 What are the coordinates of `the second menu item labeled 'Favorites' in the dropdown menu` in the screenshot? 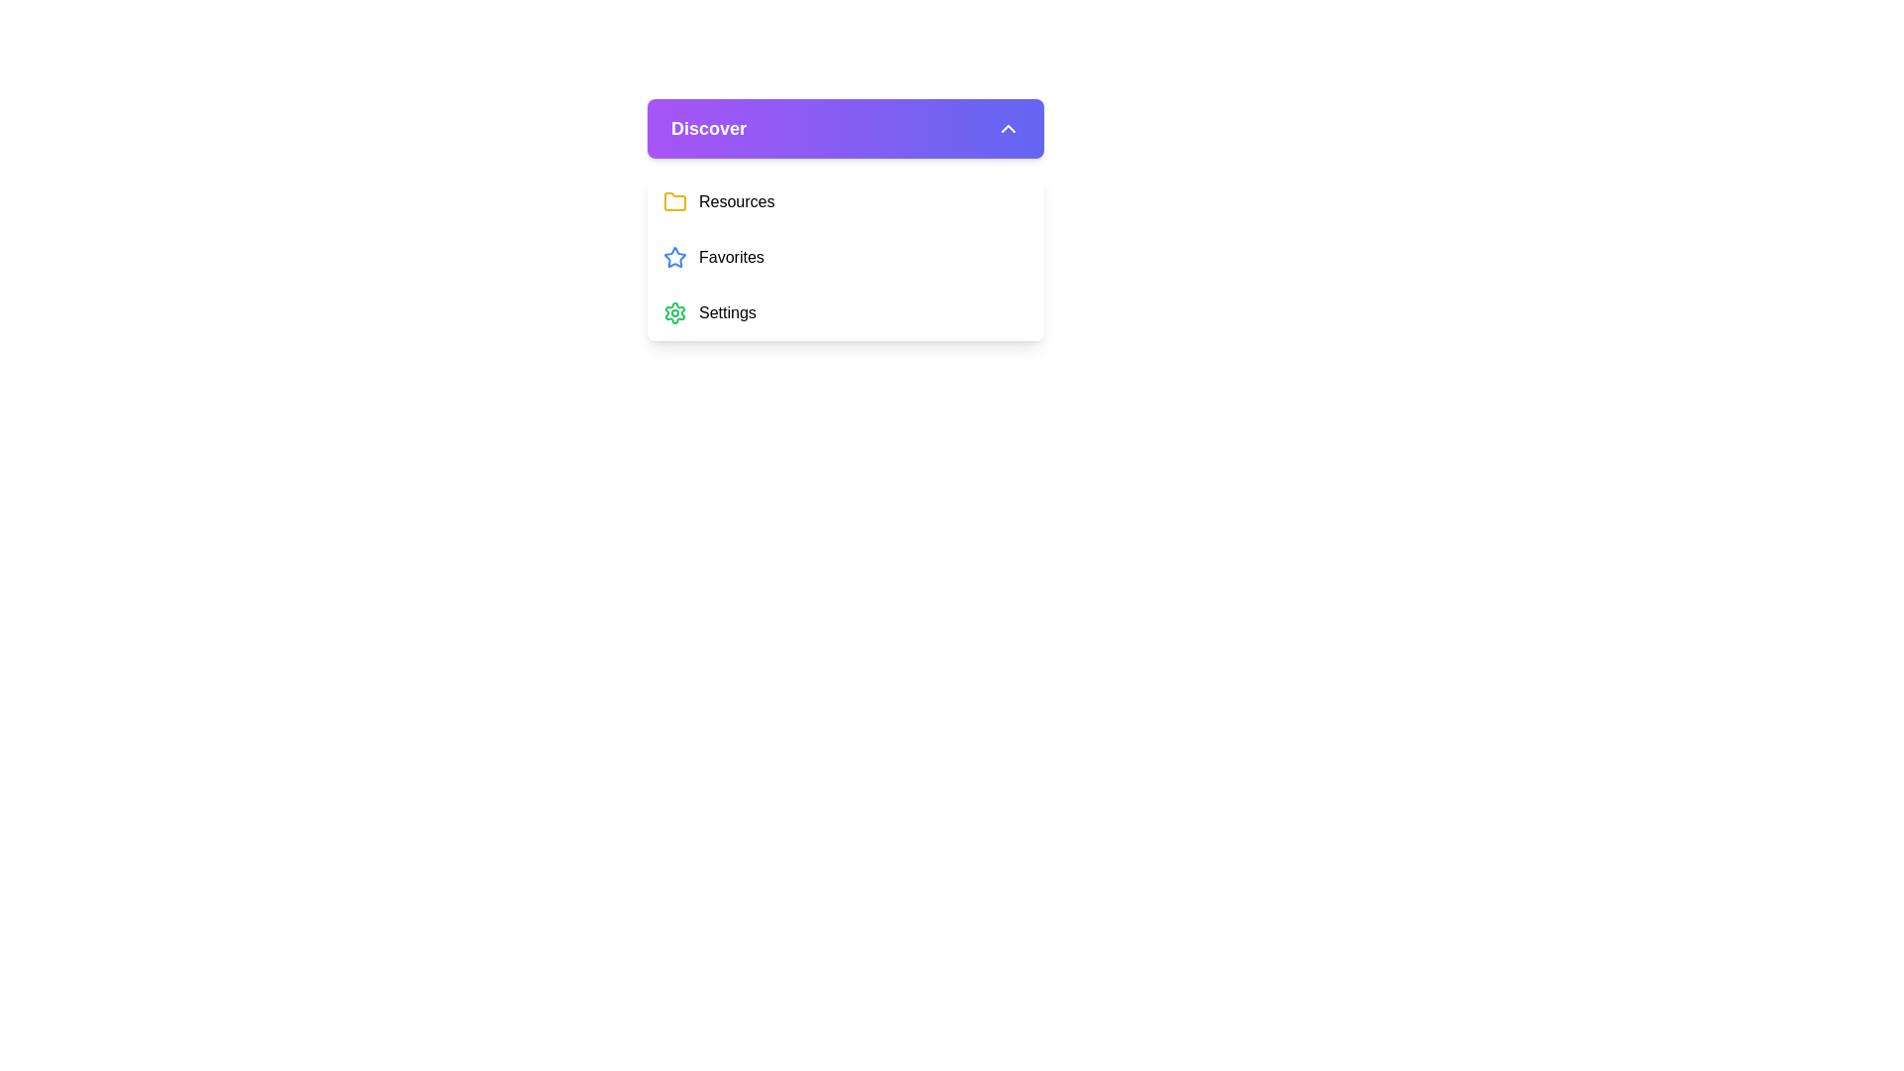 It's located at (846, 256).